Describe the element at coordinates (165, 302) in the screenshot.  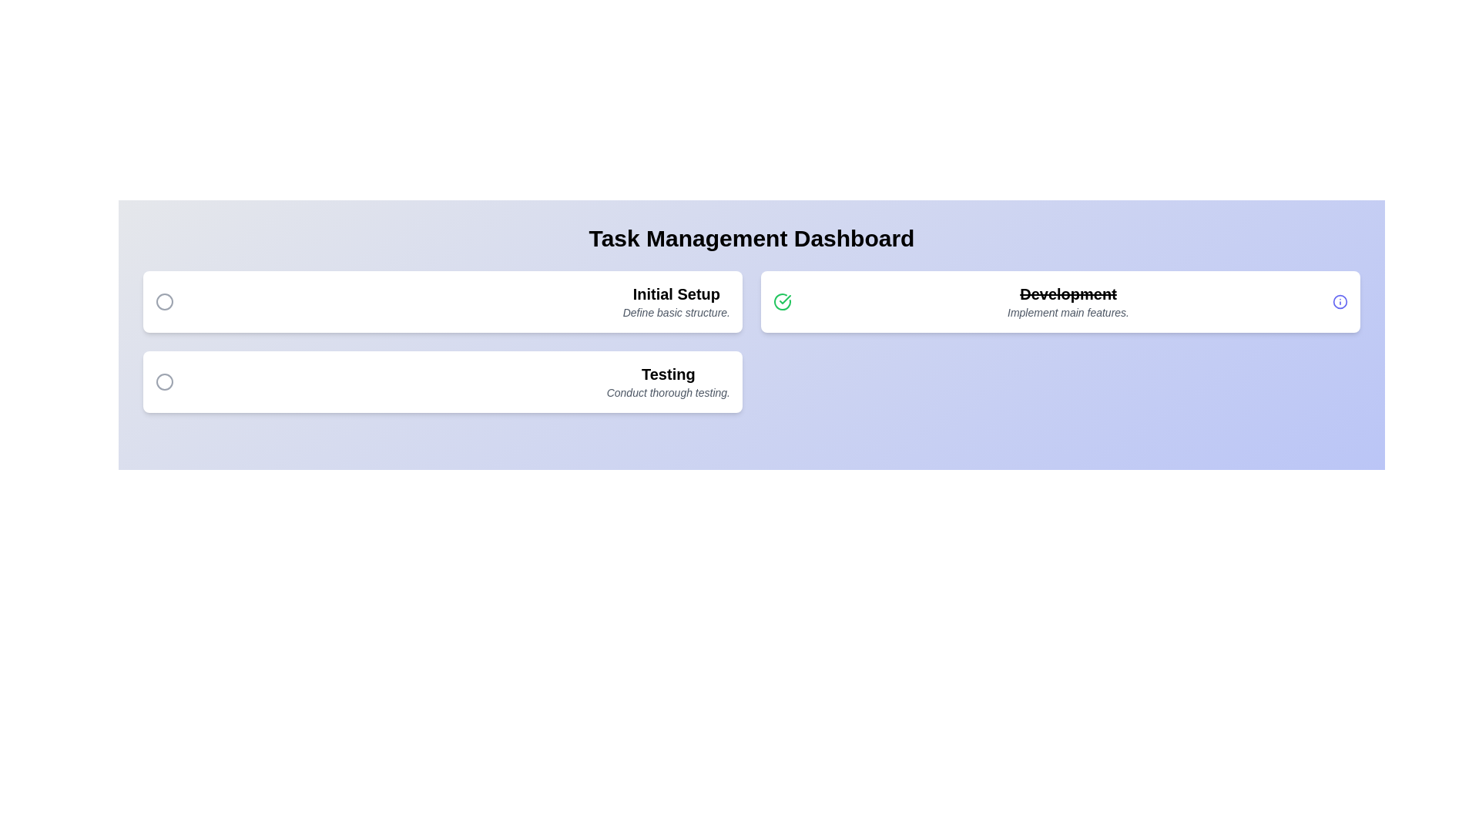
I see `the toggle button for task 1` at that location.